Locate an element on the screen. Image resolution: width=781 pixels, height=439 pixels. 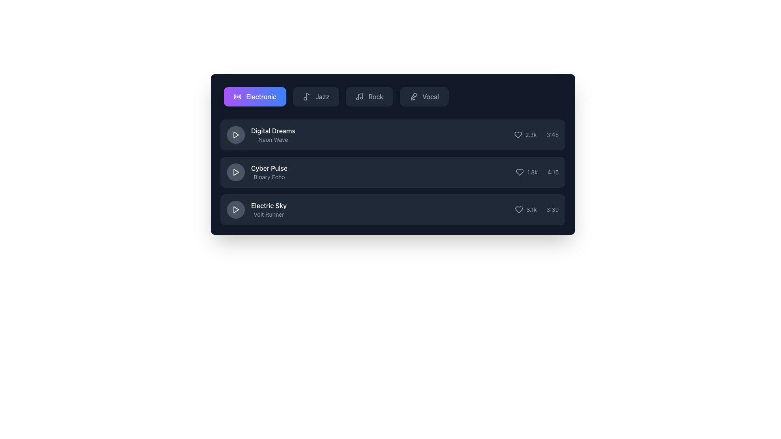
the radio device icon located on the left side inside the 'Electronic' button, which has a gradient purple to blue background is located at coordinates (237, 96).